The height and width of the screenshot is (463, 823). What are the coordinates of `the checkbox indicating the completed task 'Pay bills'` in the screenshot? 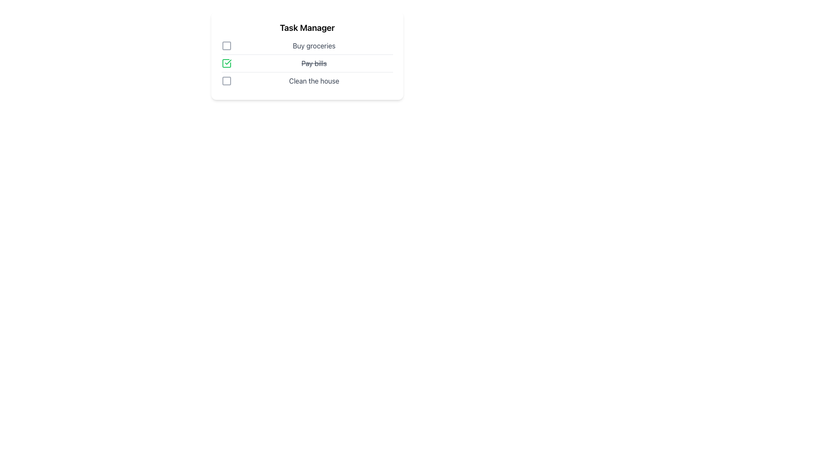 It's located at (226, 63).